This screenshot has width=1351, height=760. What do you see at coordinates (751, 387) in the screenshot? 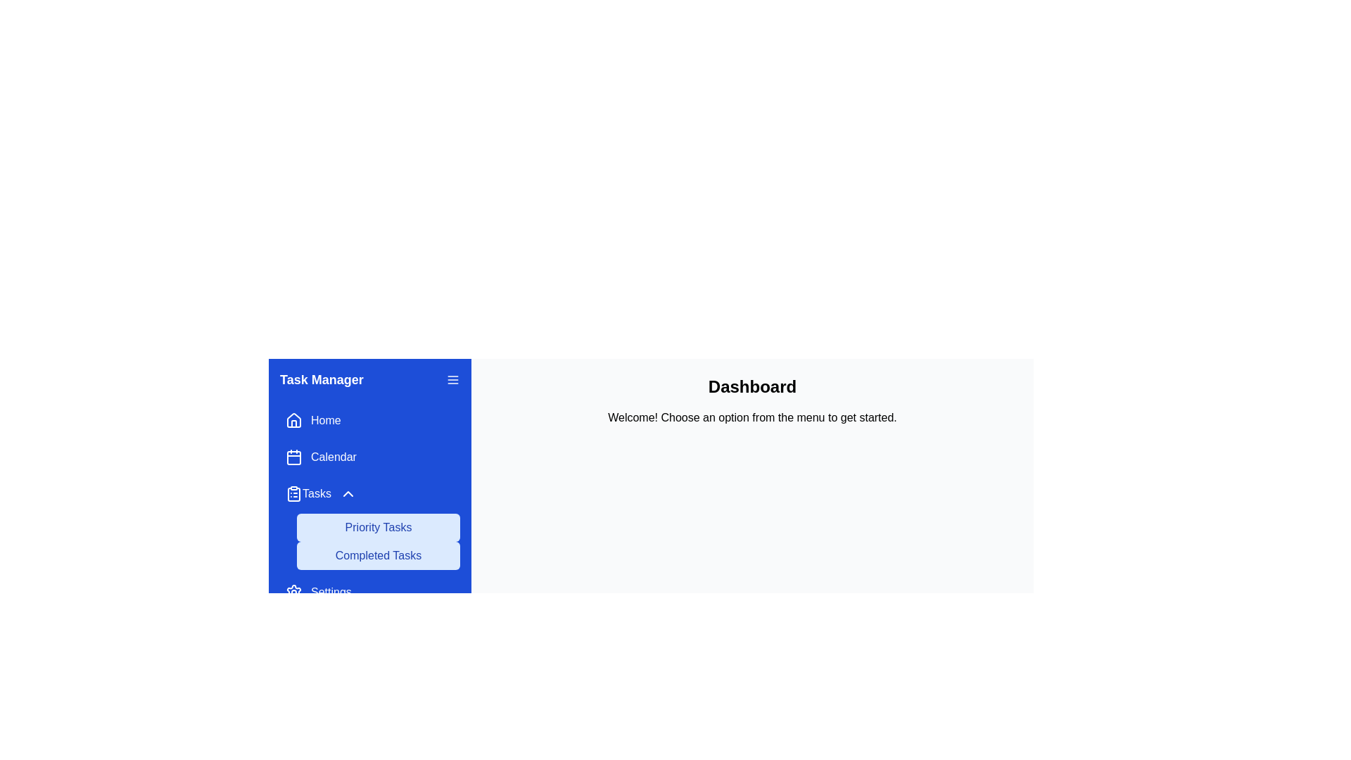
I see `text from the heading element titled 'Dashboard', which indicates the current section of the application located at the top of the main content area` at bounding box center [751, 387].